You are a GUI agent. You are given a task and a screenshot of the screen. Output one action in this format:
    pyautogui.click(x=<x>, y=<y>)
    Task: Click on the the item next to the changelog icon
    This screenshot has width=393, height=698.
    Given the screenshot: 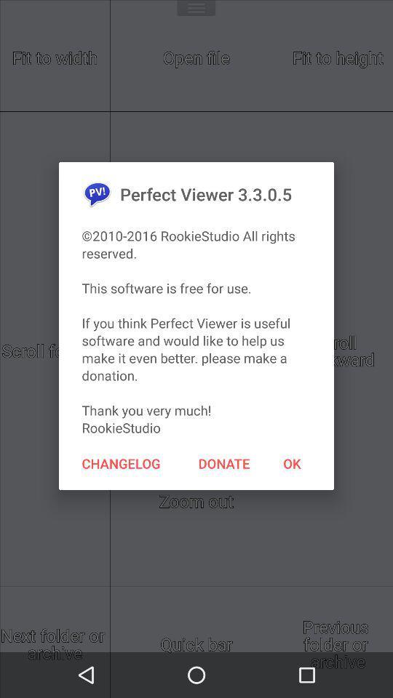 What is the action you would take?
    pyautogui.click(x=224, y=462)
    